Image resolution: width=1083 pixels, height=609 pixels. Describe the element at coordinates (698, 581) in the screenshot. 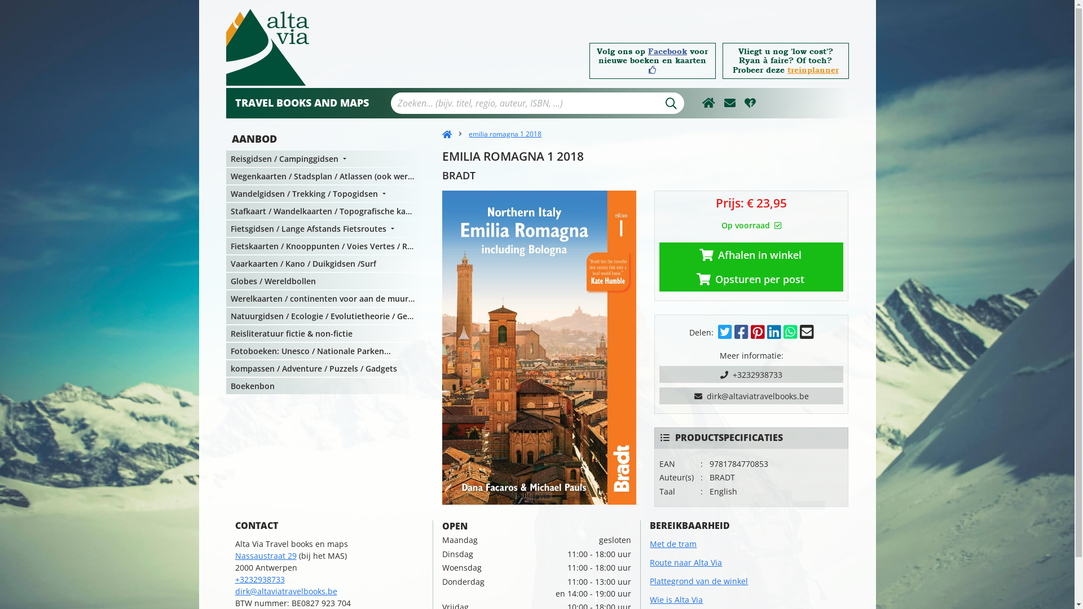

I see `'Plattegrond van de winkel'` at that location.